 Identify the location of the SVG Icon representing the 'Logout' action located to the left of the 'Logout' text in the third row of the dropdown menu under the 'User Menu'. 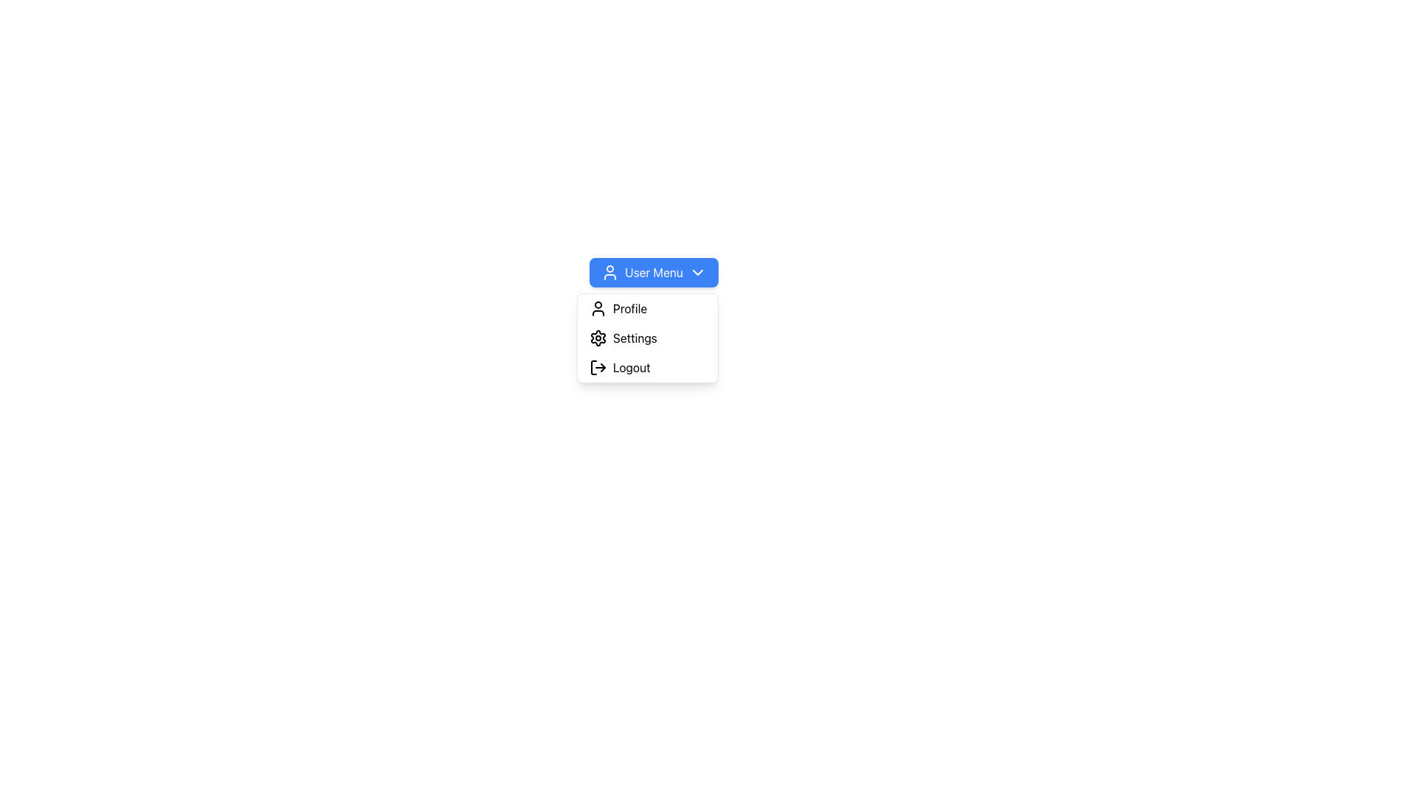
(598, 366).